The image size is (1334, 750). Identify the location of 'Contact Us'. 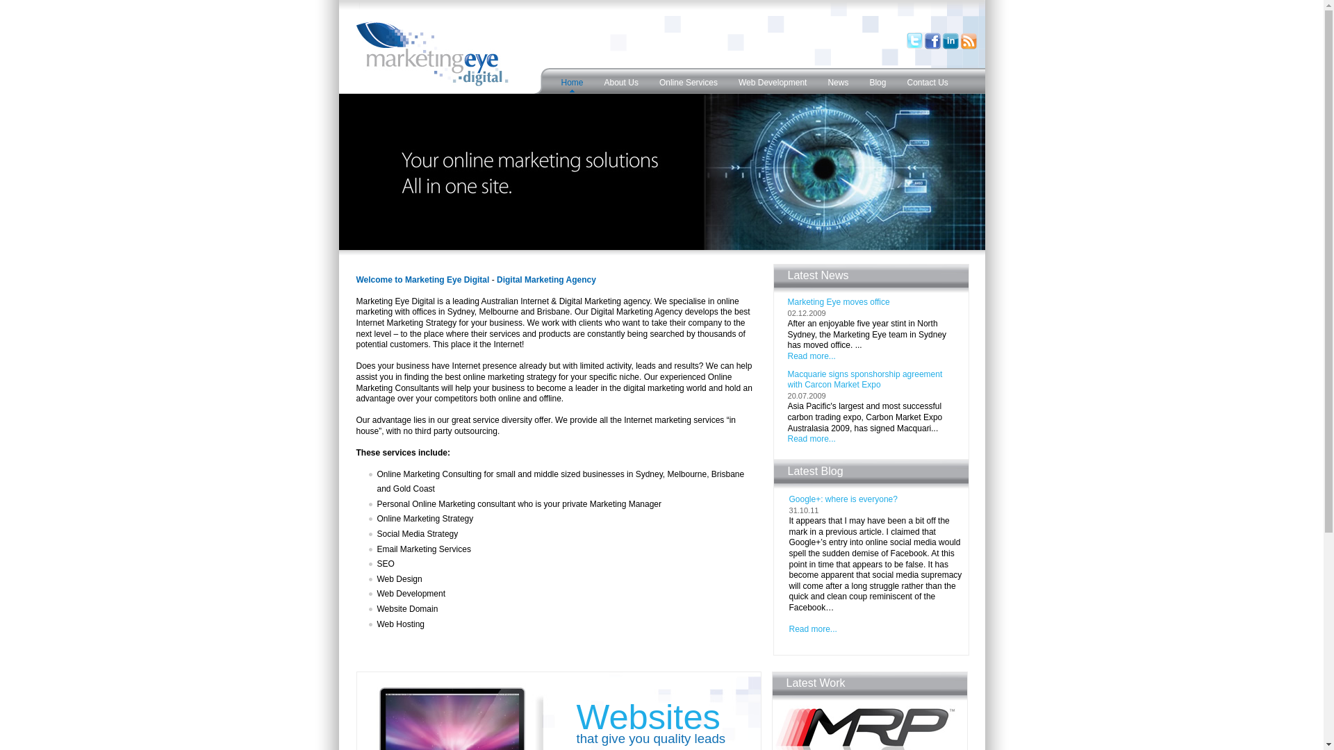
(927, 80).